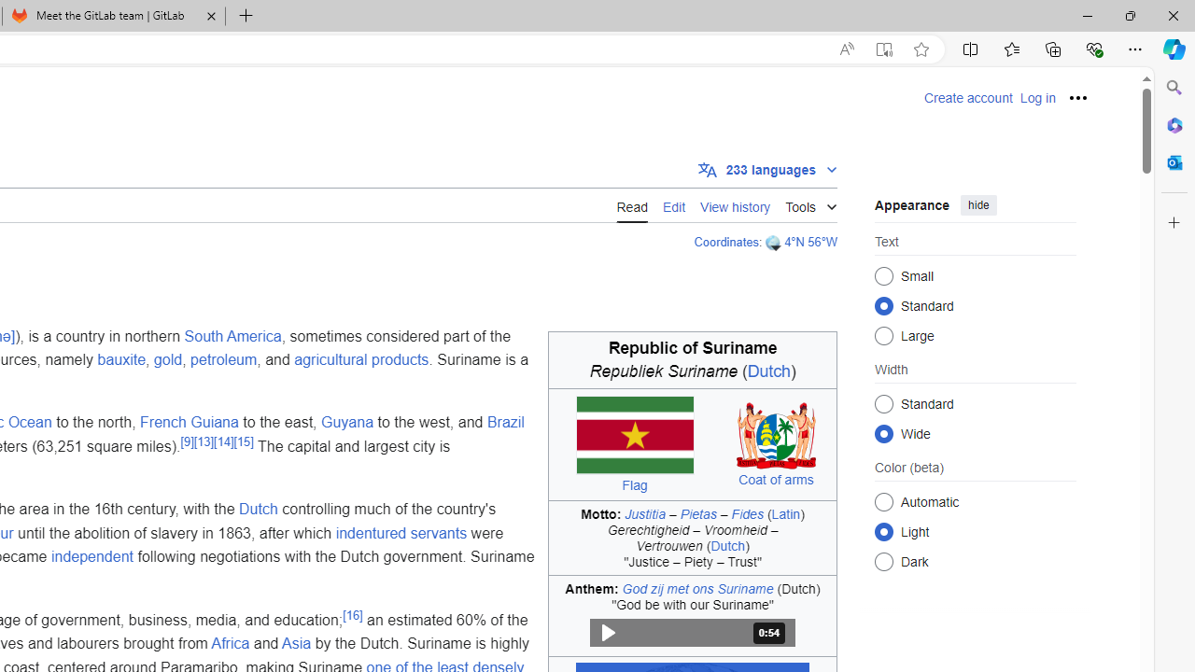 The image size is (1195, 672). Describe the element at coordinates (968, 98) in the screenshot. I see `'Create account'` at that location.